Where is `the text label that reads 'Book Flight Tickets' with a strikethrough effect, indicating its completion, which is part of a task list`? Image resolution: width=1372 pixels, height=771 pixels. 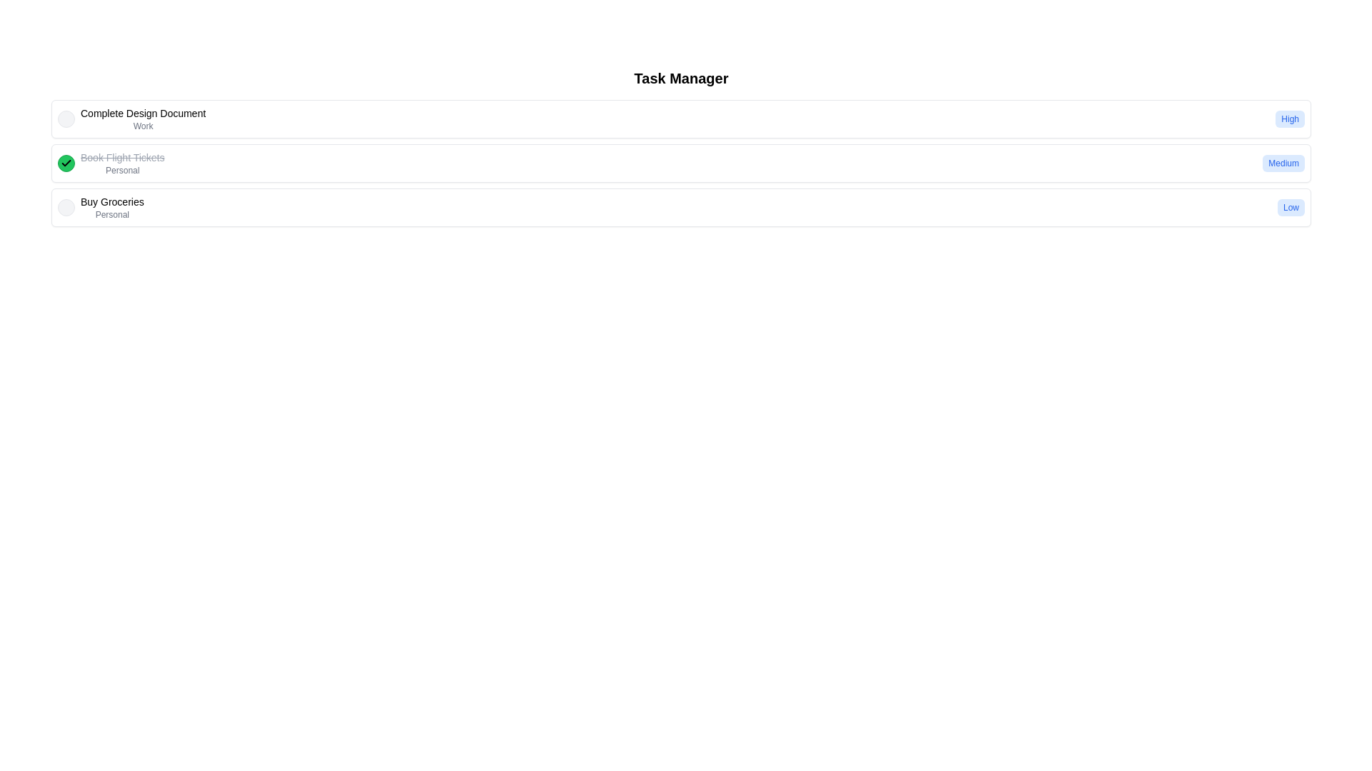
the text label that reads 'Book Flight Tickets' with a strikethrough effect, indicating its completion, which is part of a task list is located at coordinates (122, 162).